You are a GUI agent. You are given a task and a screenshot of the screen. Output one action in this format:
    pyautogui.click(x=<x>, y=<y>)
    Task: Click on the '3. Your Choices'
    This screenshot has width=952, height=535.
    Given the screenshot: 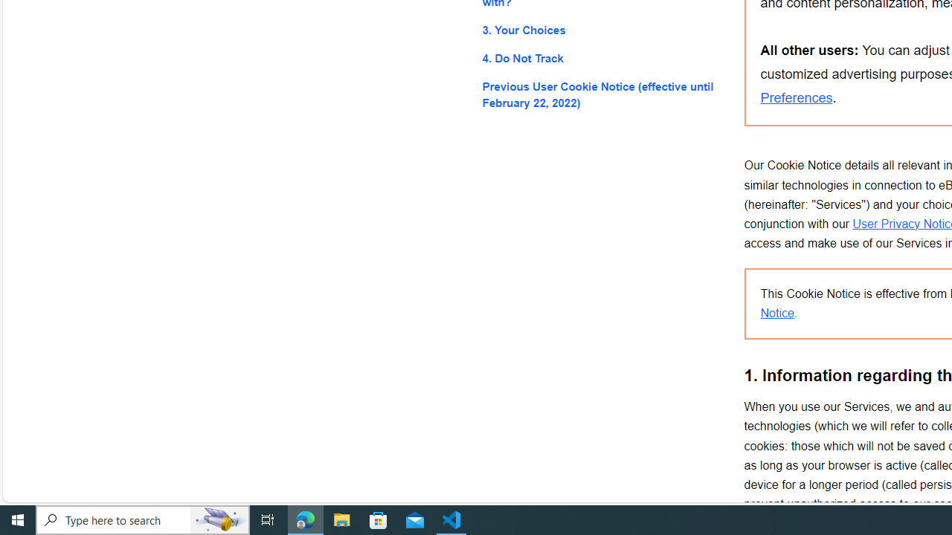 What is the action you would take?
    pyautogui.click(x=601, y=30)
    